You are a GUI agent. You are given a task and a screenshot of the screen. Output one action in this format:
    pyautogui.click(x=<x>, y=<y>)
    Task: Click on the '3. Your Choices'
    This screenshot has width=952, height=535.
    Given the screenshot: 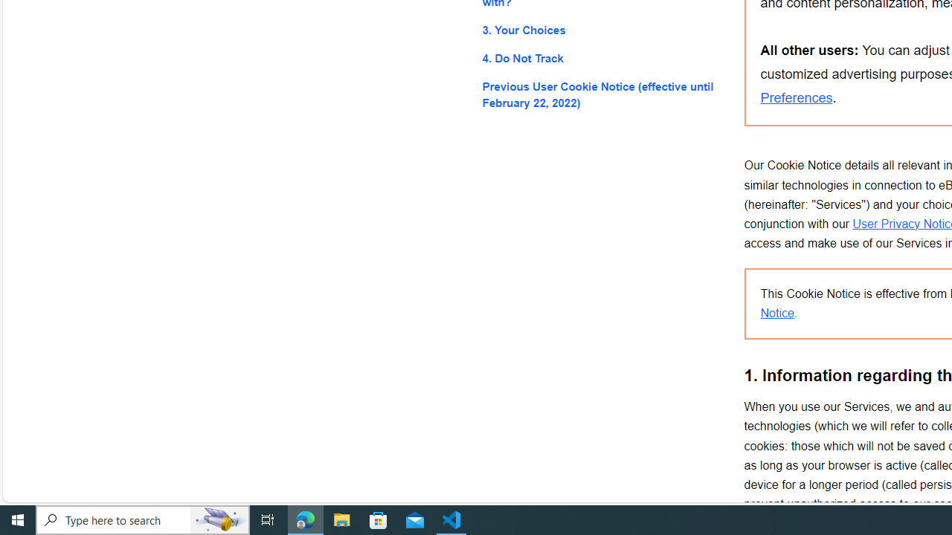 What is the action you would take?
    pyautogui.click(x=601, y=30)
    